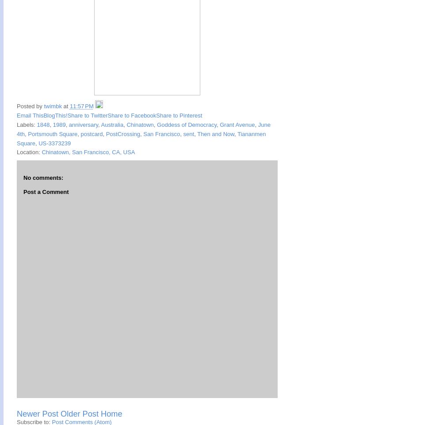  I want to click on '11:57 PM', so click(81, 106).